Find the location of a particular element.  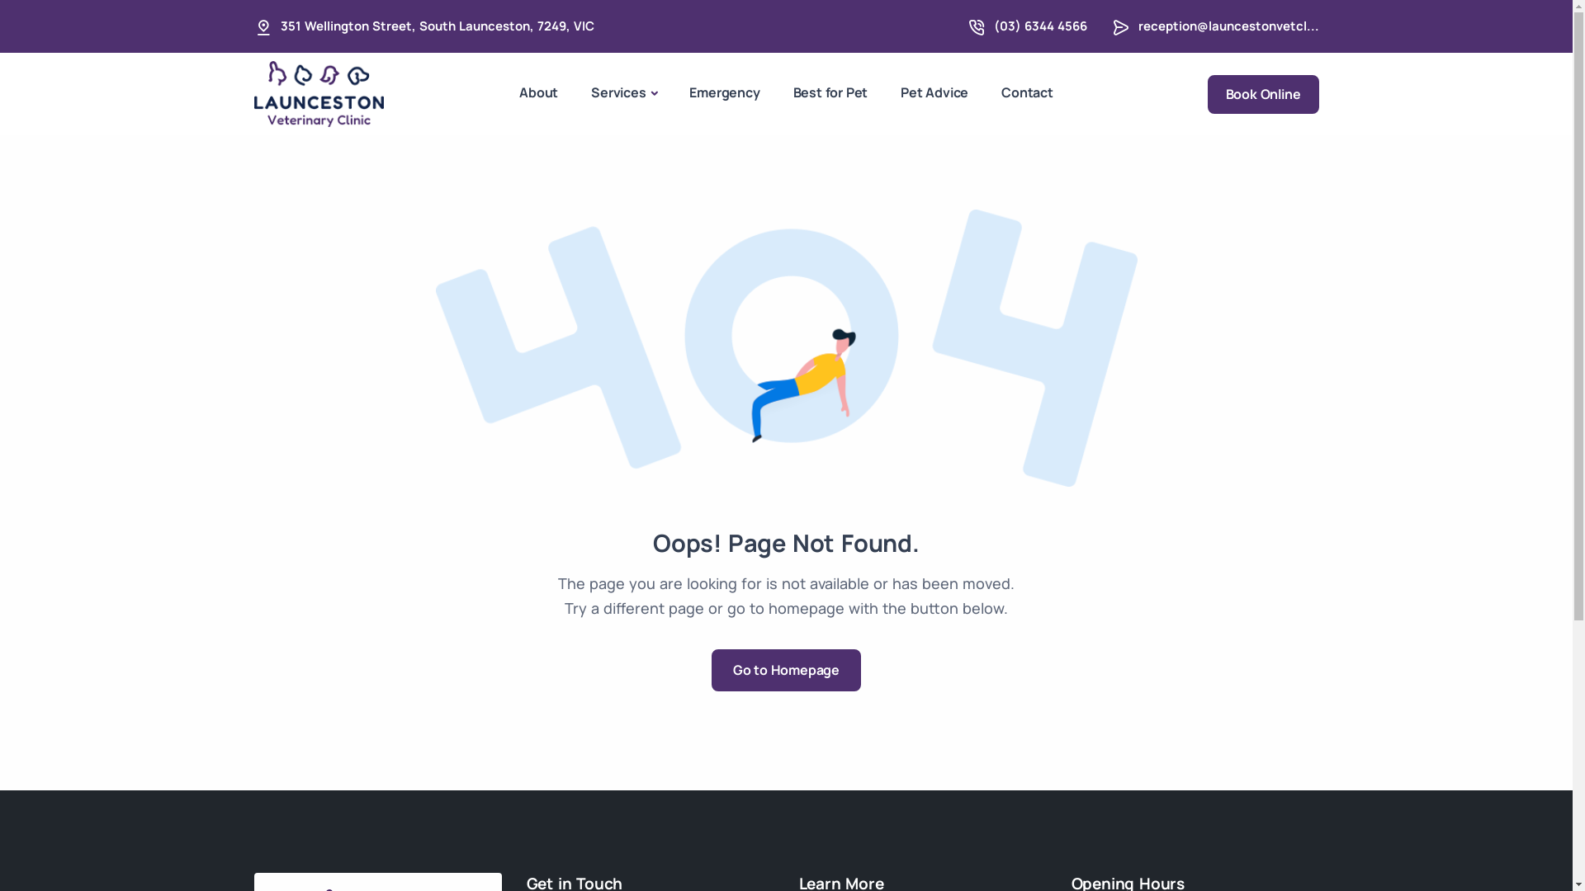

'reception@launcestonvetcl...' is located at coordinates (1228, 26).